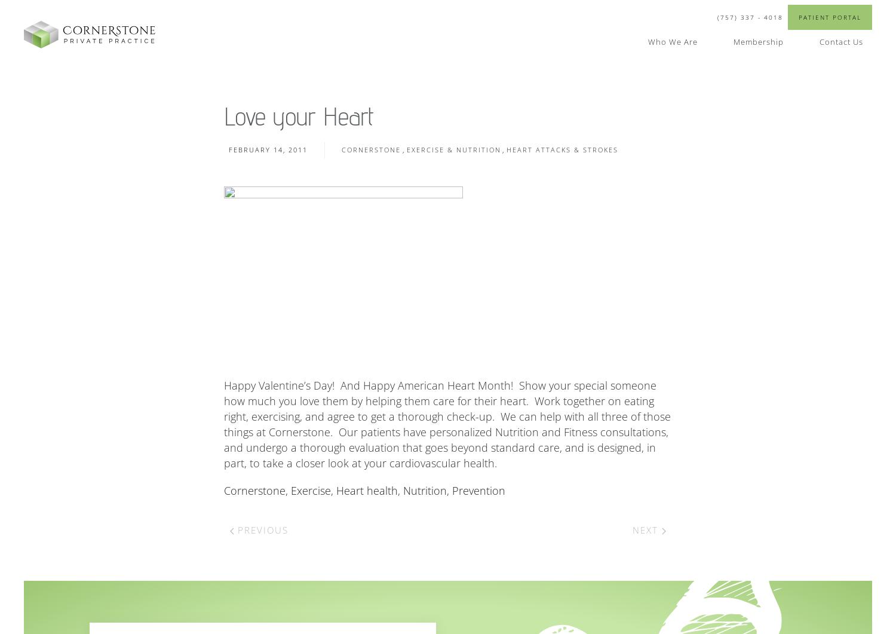  I want to click on '(757) 337 - 4018', so click(750, 17).